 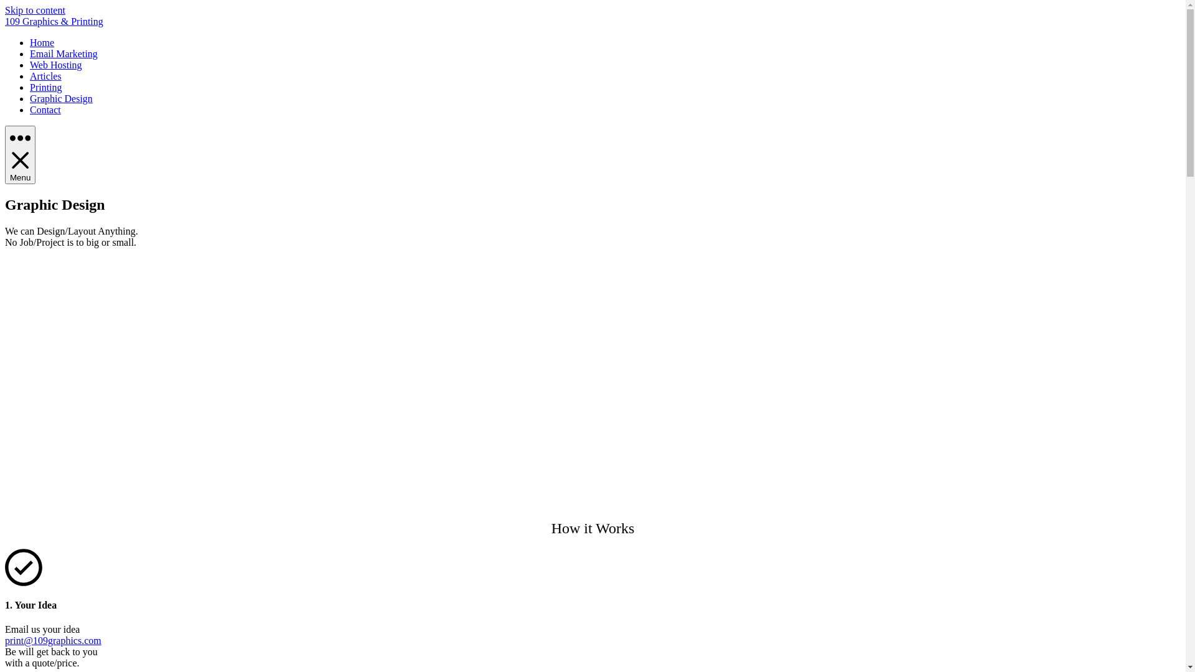 I want to click on 'Articles', so click(x=30, y=76).